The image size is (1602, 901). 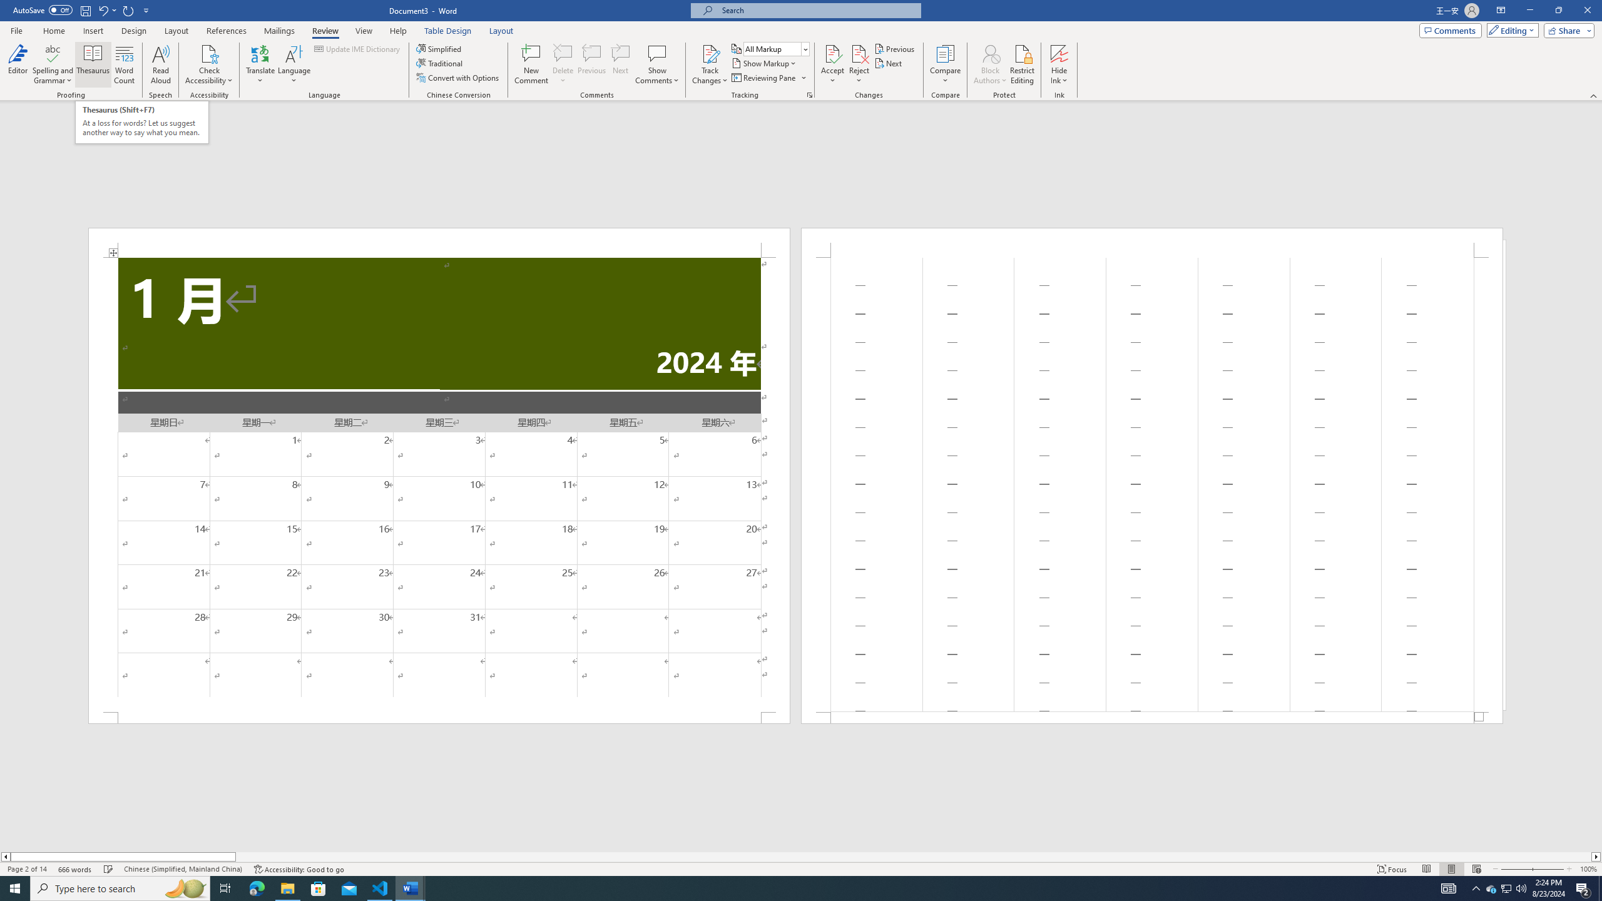 I want to click on 'Page 1 content', so click(x=439, y=484).